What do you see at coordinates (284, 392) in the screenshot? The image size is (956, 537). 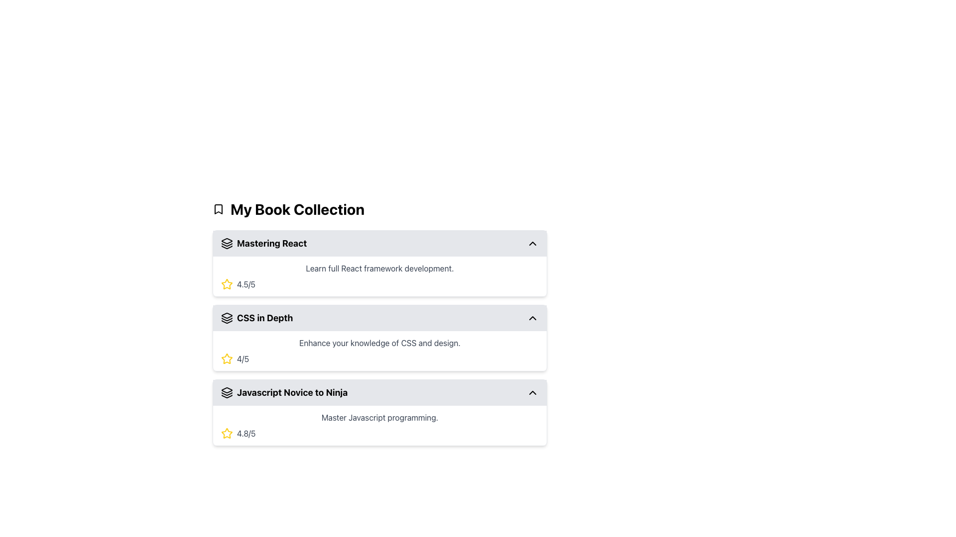 I see `on the title of the book in the third list item's header in the 'My Book Collection' section` at bounding box center [284, 392].